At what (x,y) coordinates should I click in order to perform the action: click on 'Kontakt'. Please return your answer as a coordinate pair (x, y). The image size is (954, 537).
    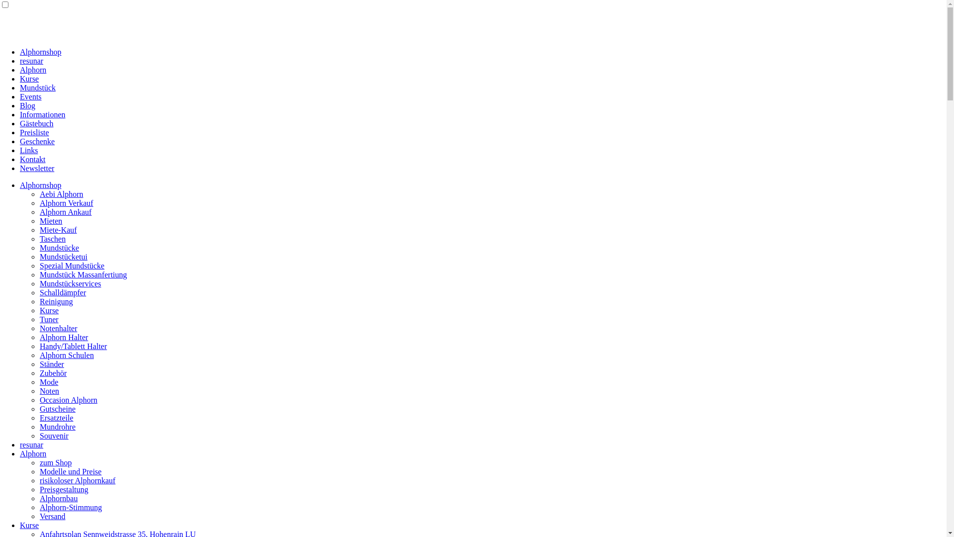
    Looking at the image, I should click on (19, 159).